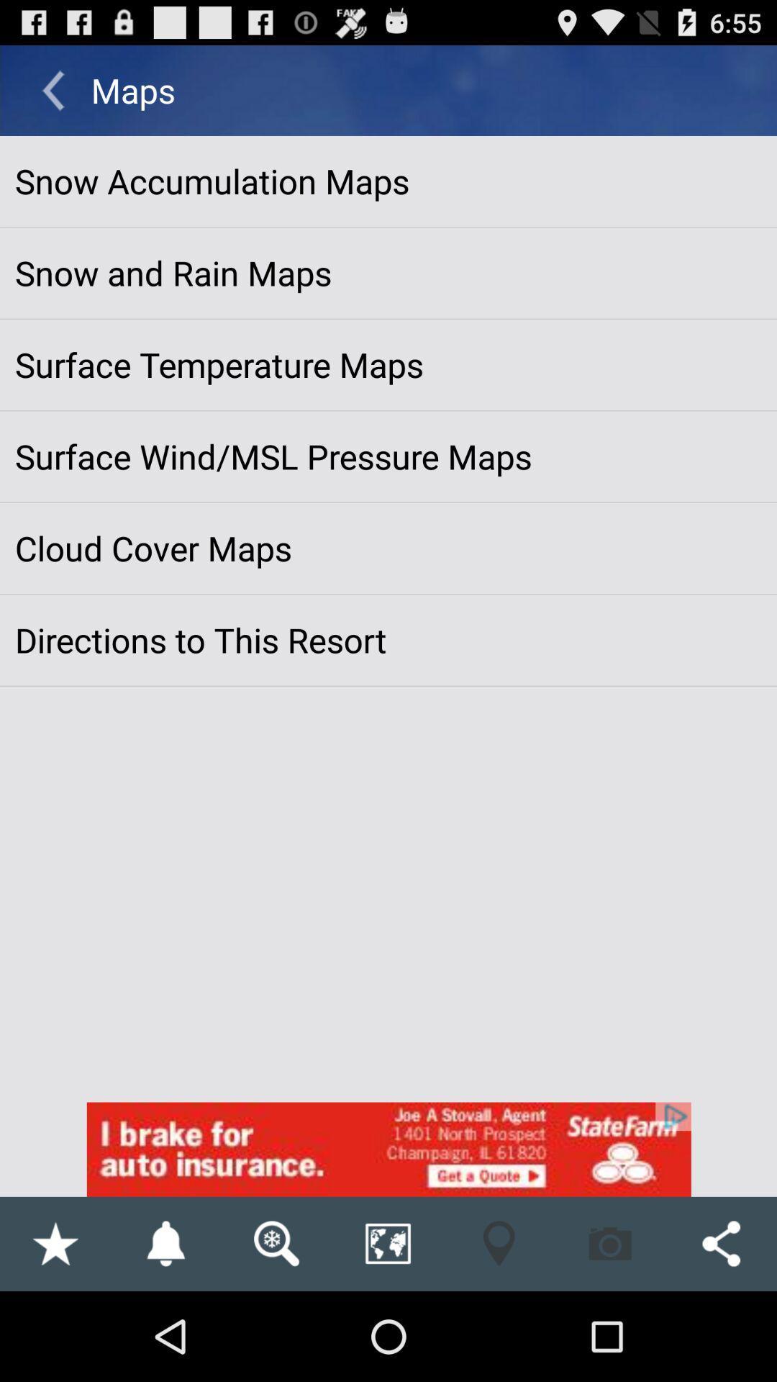 The image size is (777, 1382). I want to click on the arrow above the top left of the page, so click(52, 89).